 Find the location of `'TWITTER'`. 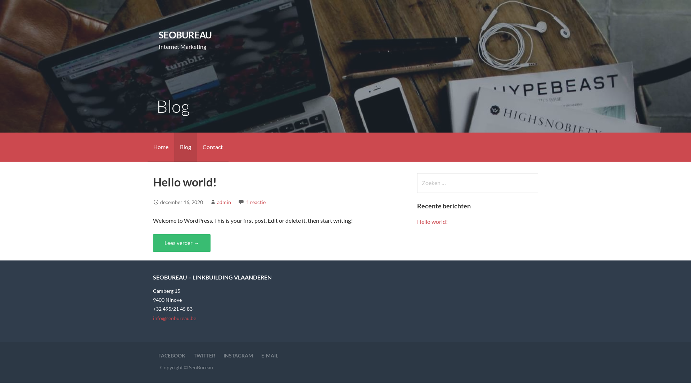

'TWITTER' is located at coordinates (204, 355).